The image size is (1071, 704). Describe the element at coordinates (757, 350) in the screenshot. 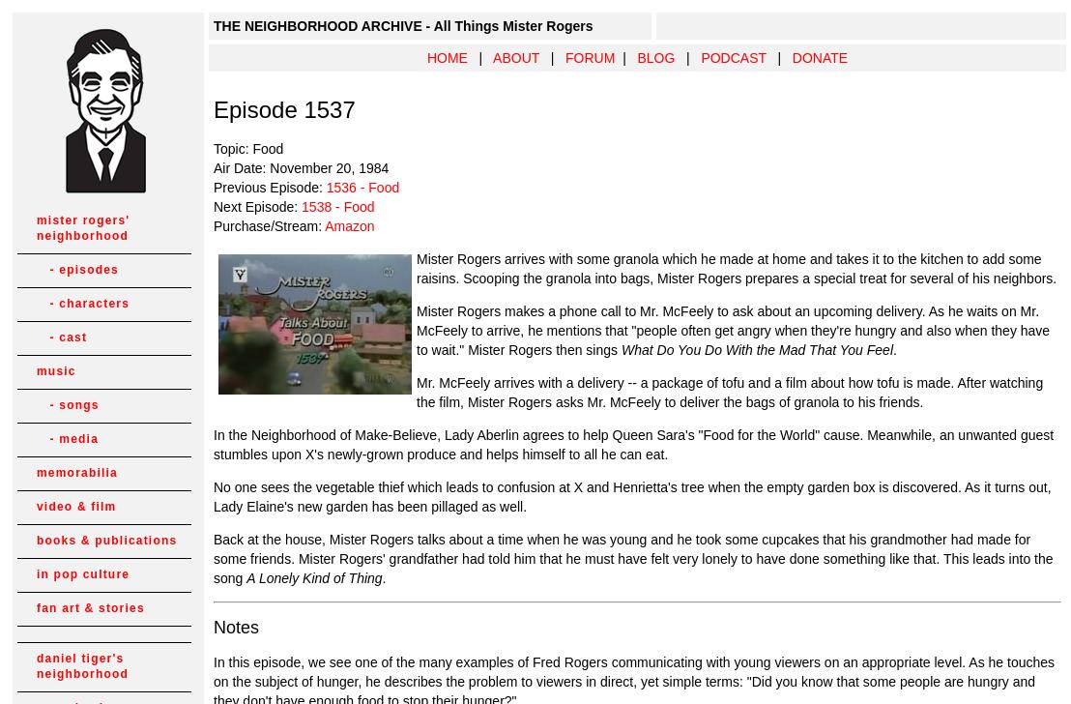

I see `'What Do You Do With the Mad That You Feel'` at that location.